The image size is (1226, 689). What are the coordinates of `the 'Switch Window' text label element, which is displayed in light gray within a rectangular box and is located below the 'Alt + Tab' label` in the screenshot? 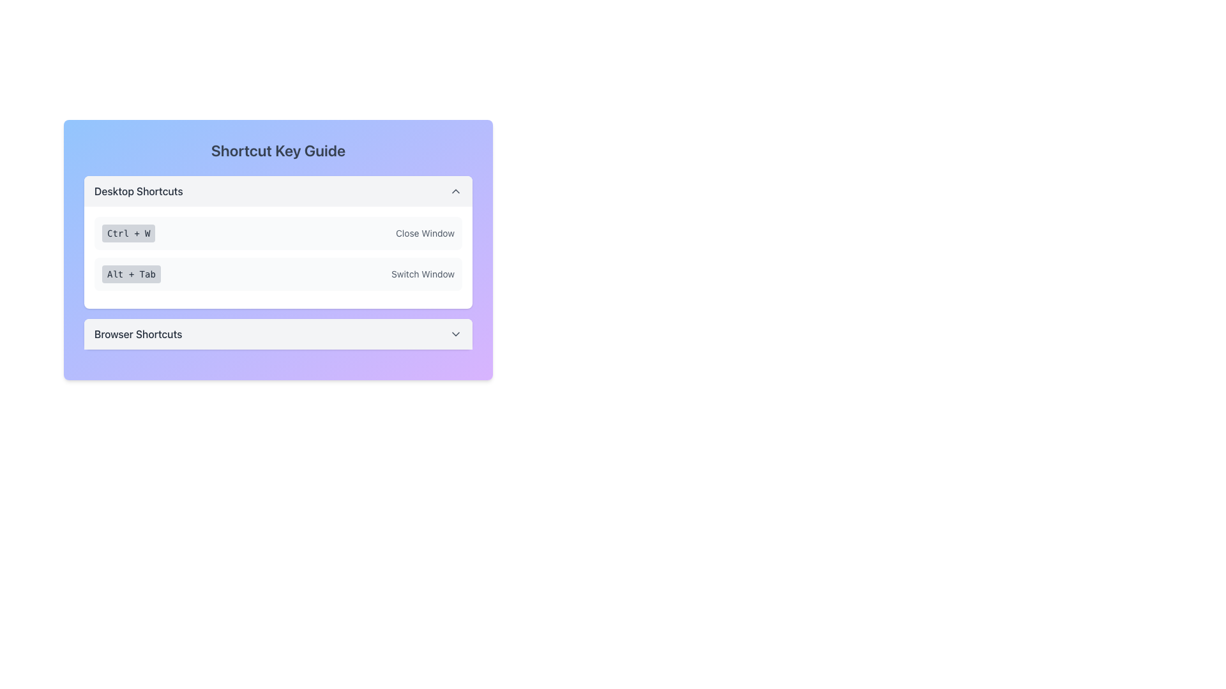 It's located at (423, 273).